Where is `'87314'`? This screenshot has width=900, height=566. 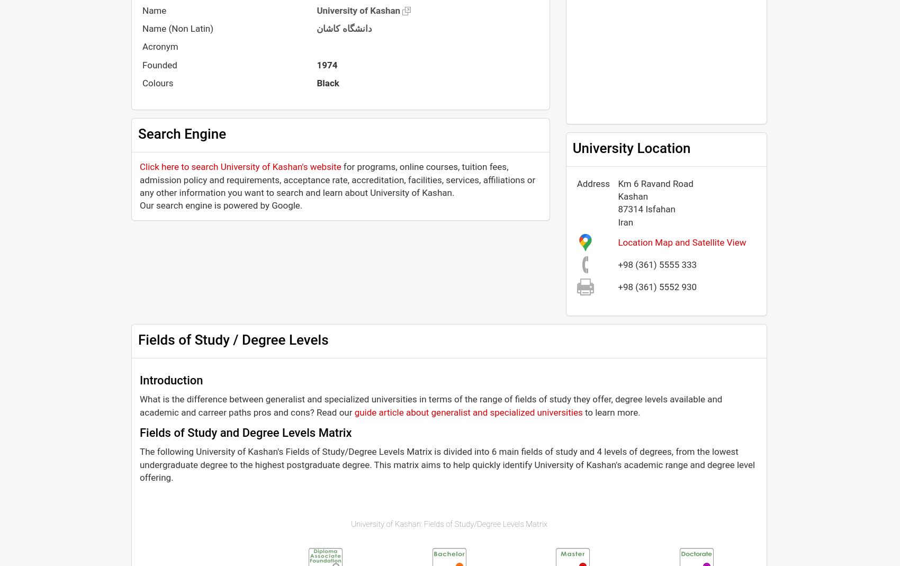 '87314' is located at coordinates (630, 209).